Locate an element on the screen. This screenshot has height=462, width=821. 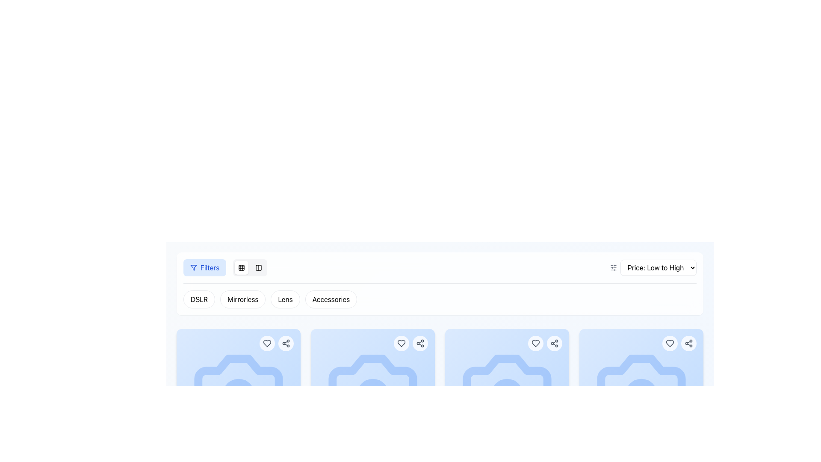
the favorite button located in the top-right corner of the product card is located at coordinates (535, 343).